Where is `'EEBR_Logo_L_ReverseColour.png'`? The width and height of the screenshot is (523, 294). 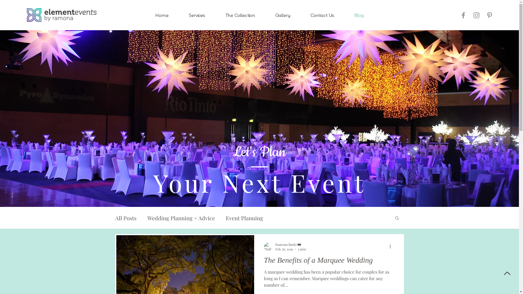
'EEBR_Logo_L_ReverseColour.png' is located at coordinates (61, 15).